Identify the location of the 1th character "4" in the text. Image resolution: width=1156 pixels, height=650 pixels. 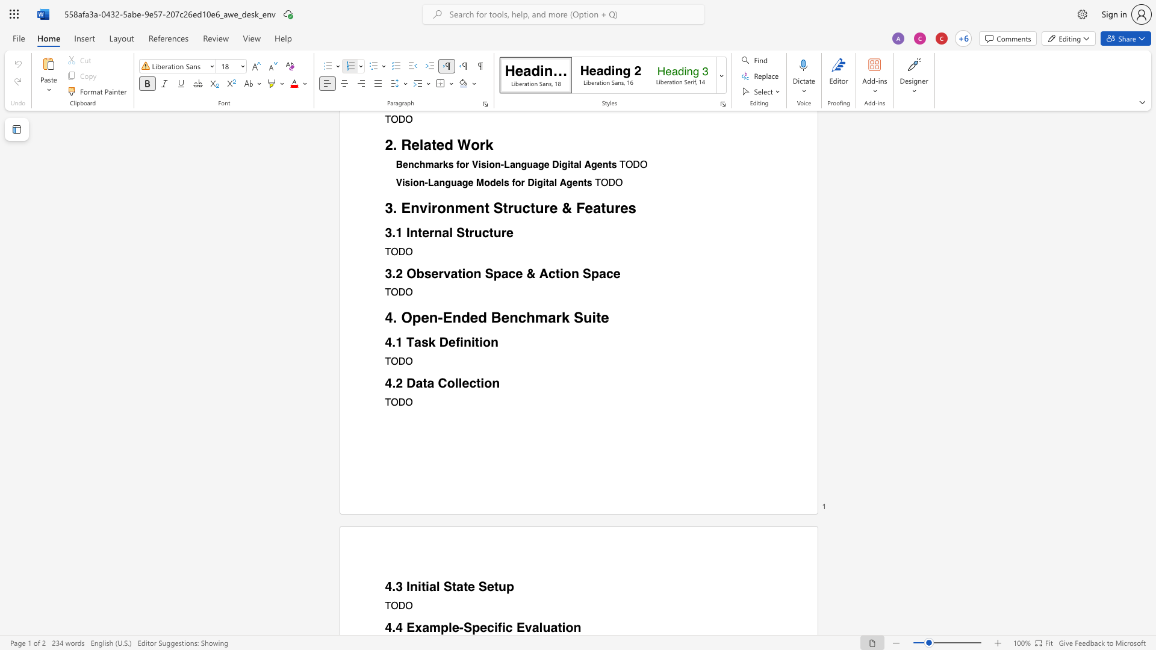
(388, 627).